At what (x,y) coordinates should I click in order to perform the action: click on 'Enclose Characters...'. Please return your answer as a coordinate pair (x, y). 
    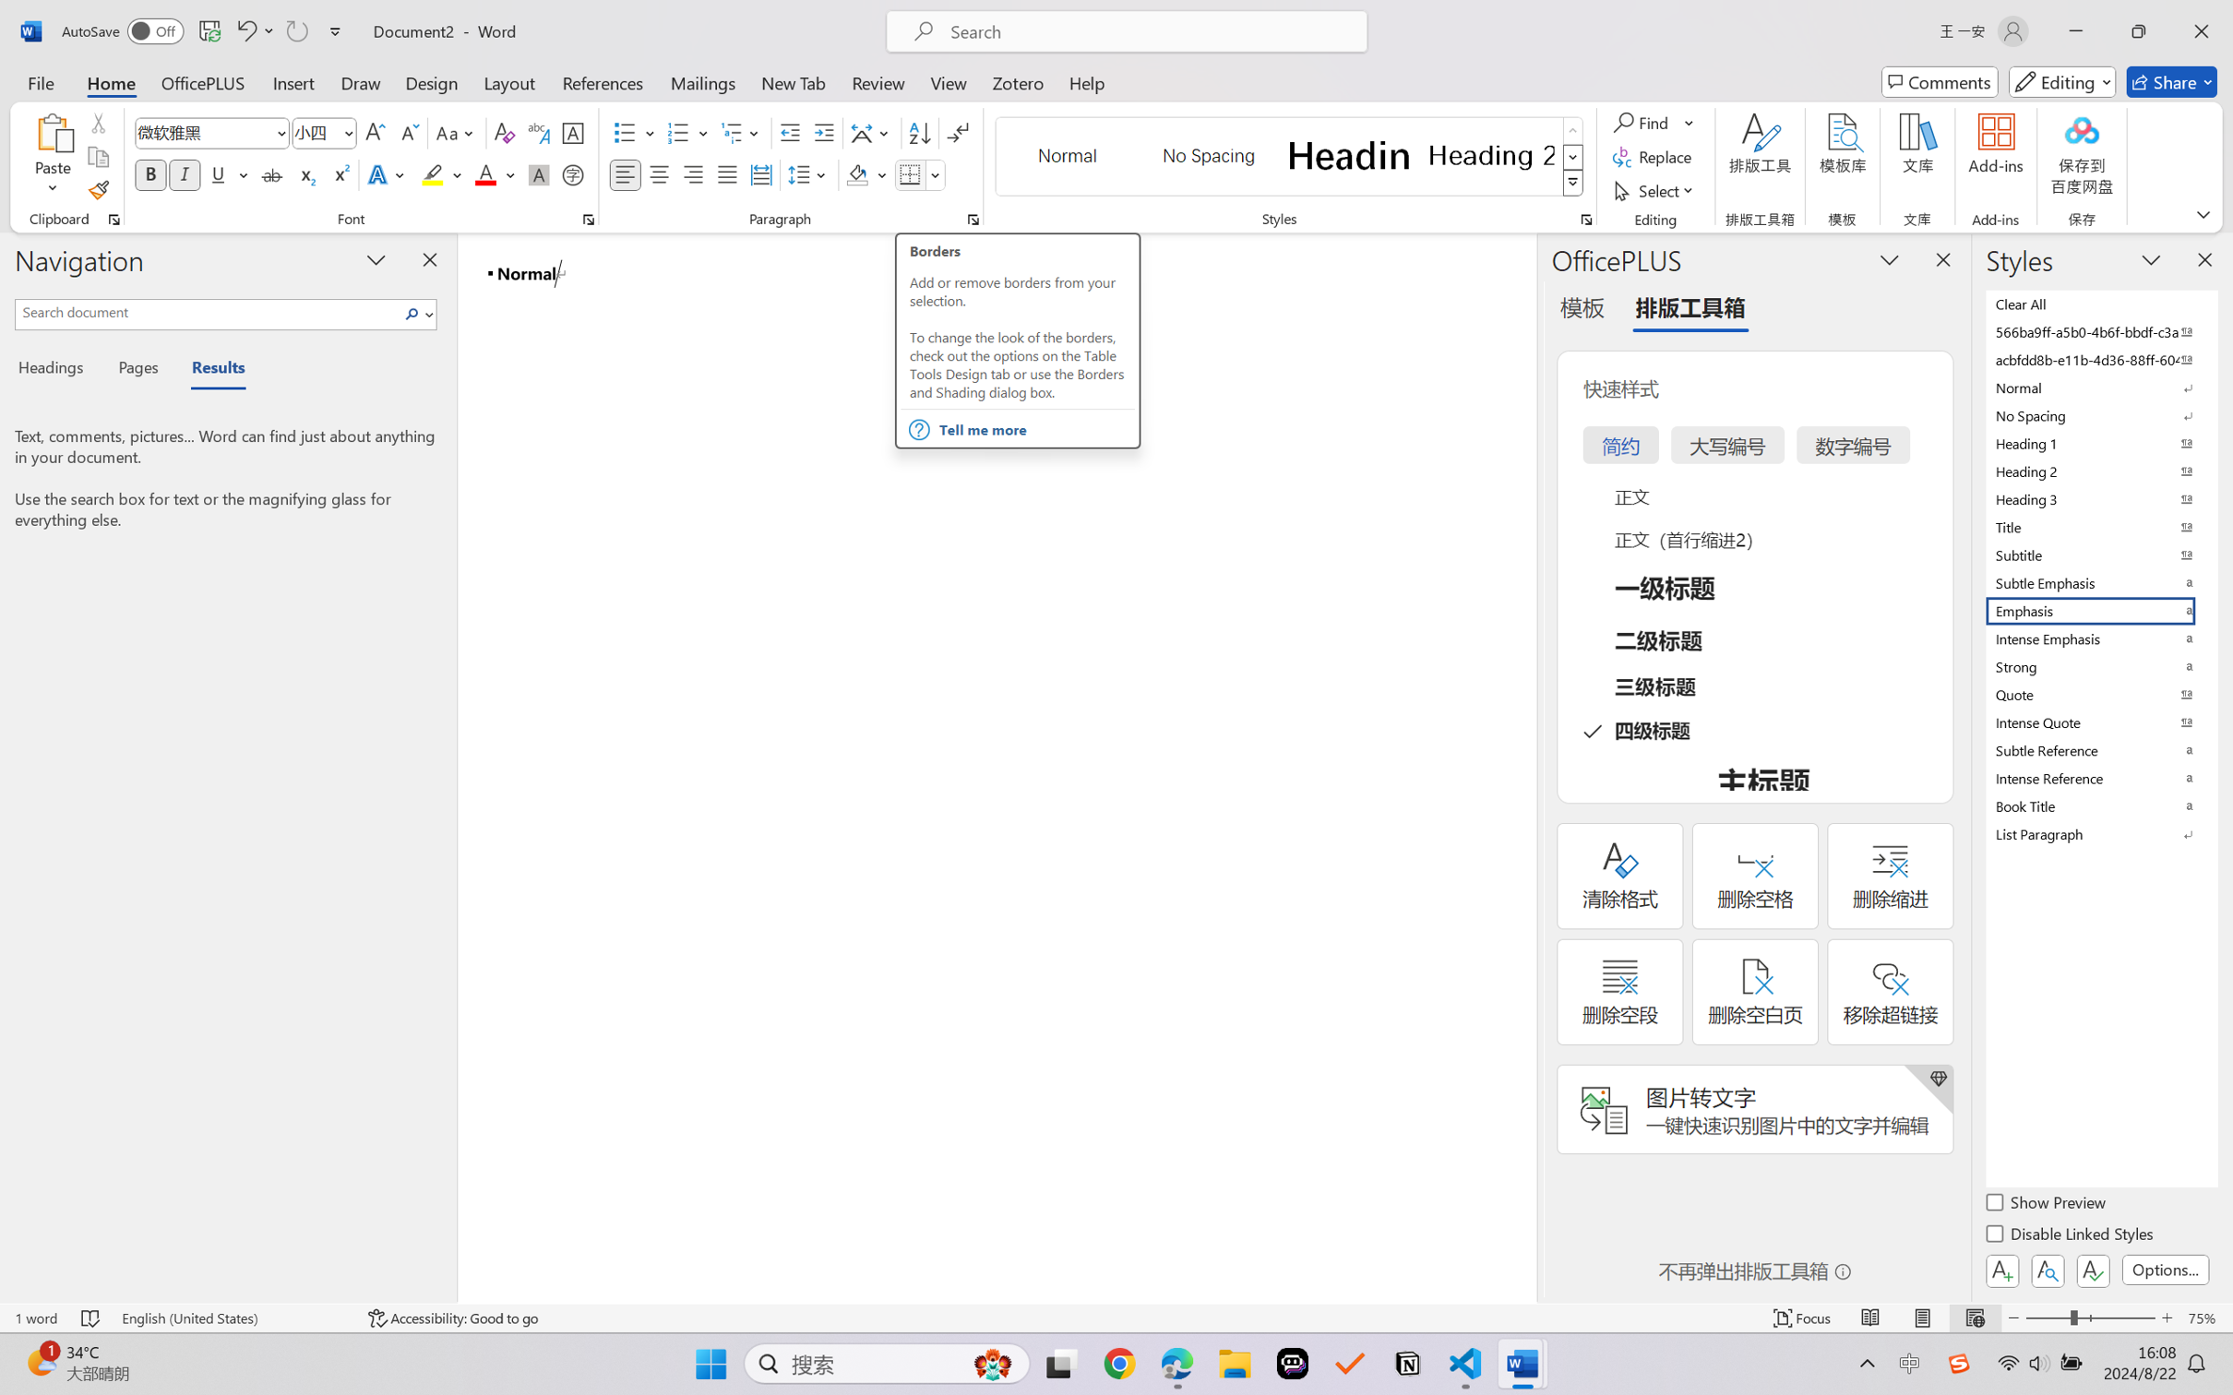
    Looking at the image, I should click on (573, 173).